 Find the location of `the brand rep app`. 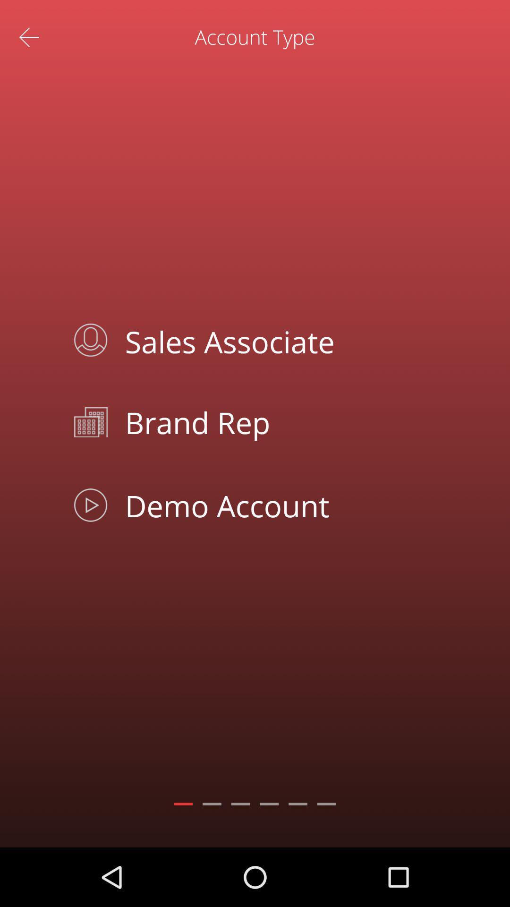

the brand rep app is located at coordinates (276, 421).